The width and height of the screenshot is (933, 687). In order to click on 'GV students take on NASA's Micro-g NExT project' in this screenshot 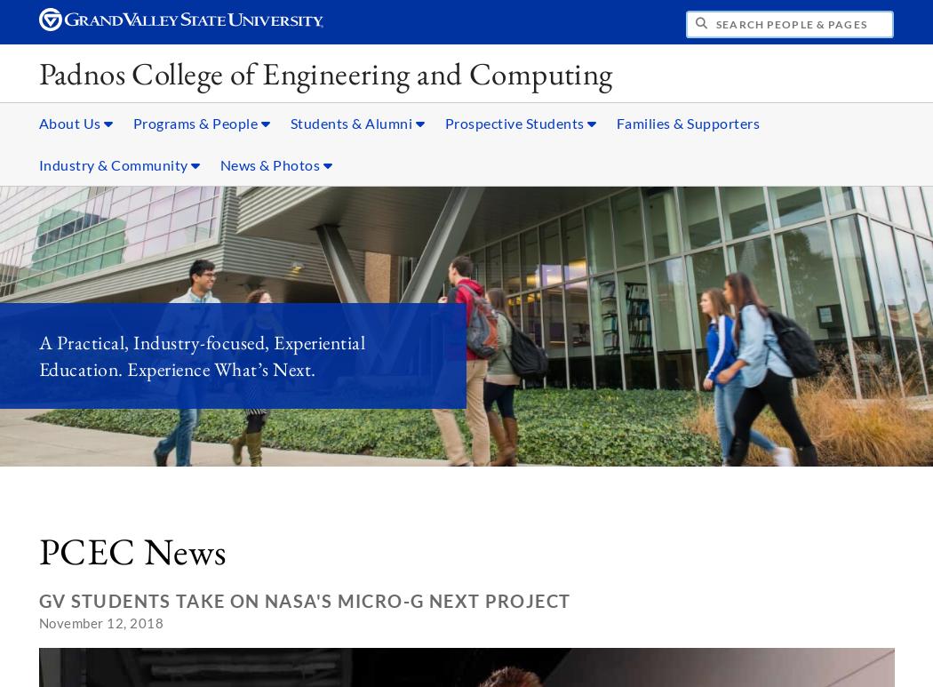, I will do `click(303, 599)`.